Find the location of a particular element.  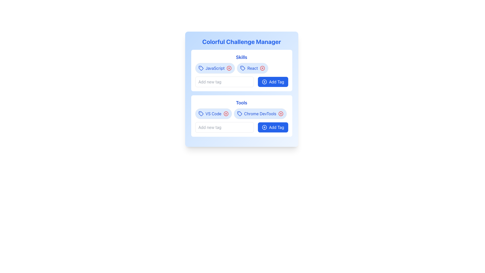

the tag-like icon with a blue border located beside the 'Chrome DevTools' text in the 'Tools' section is located at coordinates (239, 114).